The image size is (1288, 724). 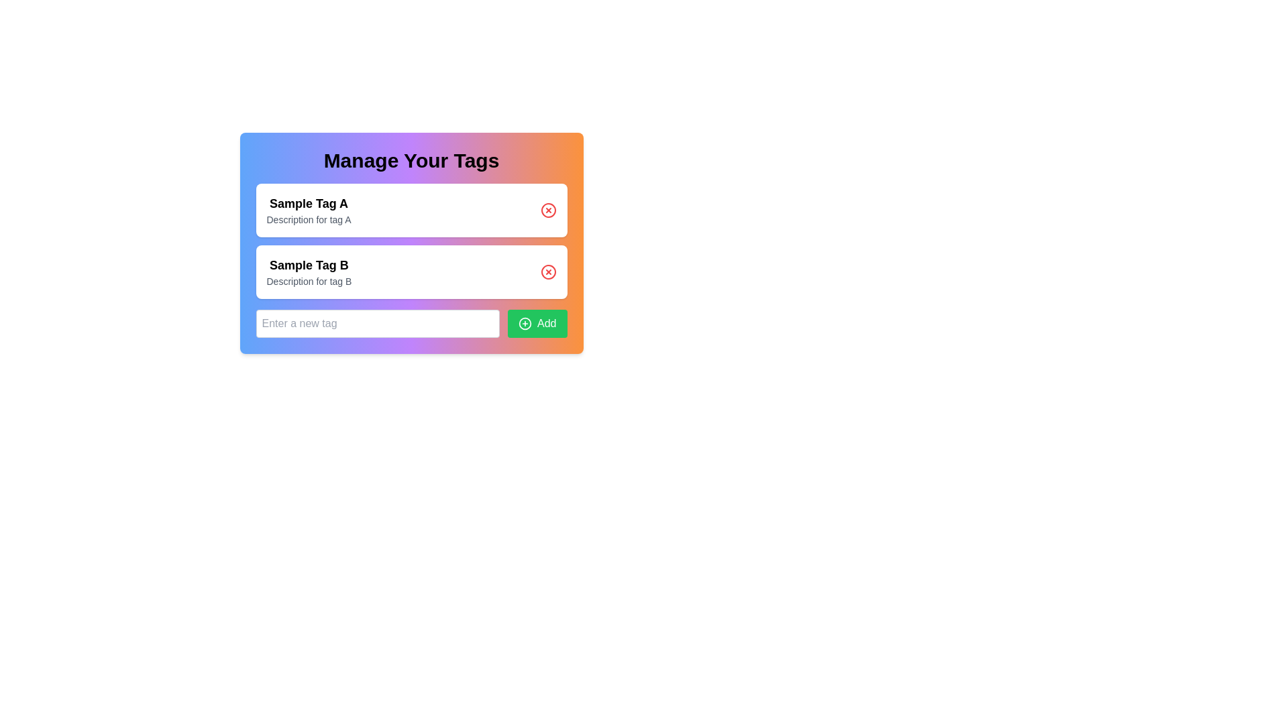 I want to click on the delete button associated with 'Sample Tag B' to change its color, so click(x=548, y=271).